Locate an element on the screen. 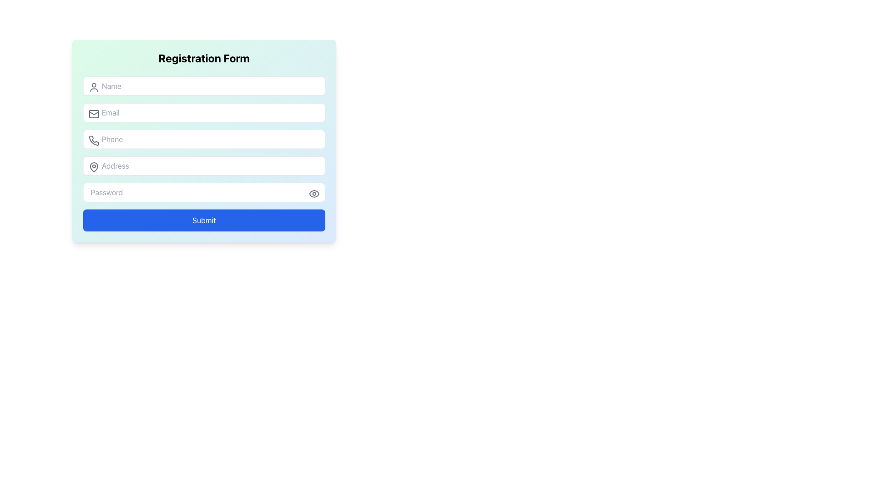 This screenshot has width=881, height=495. the eye-shaped icon element located on the right side of the password input field is located at coordinates (314, 193).